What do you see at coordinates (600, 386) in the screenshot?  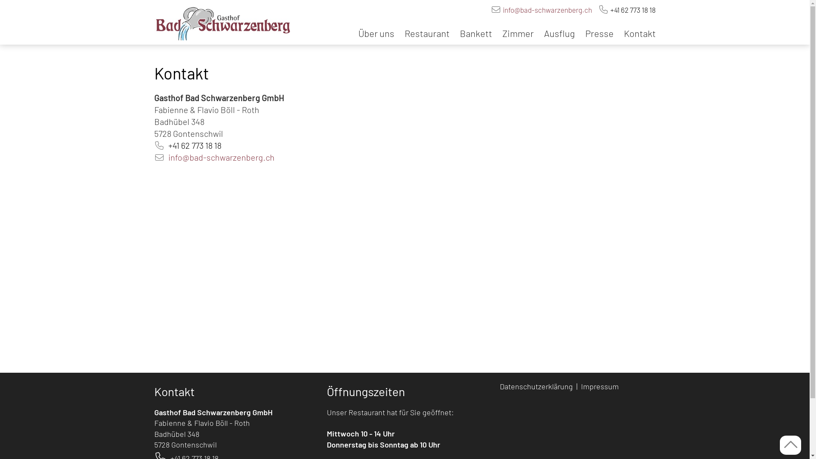 I see `'Impressum '` at bounding box center [600, 386].